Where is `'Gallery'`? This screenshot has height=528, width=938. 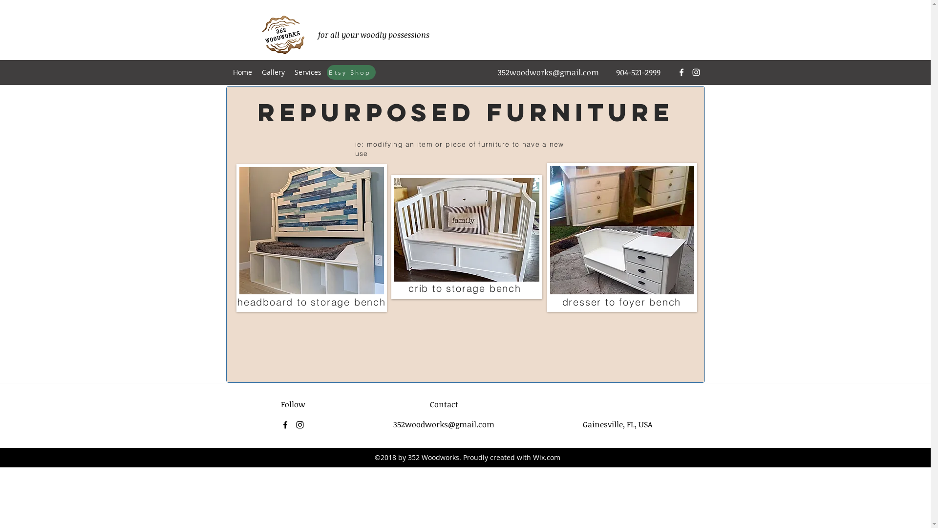 'Gallery' is located at coordinates (273, 71).